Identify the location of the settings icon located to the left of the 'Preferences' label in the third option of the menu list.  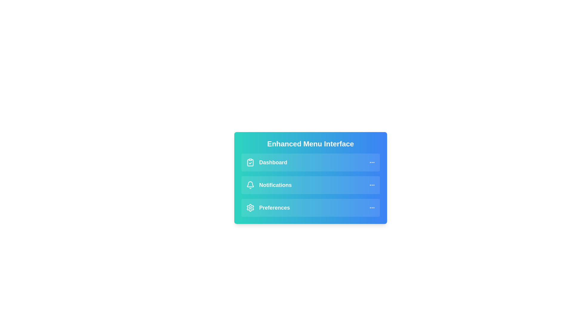
(250, 208).